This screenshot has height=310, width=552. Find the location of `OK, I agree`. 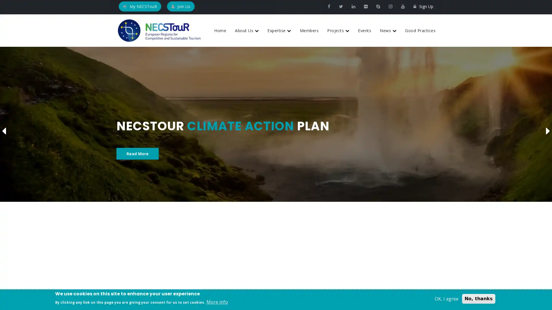

OK, I agree is located at coordinates (446, 299).